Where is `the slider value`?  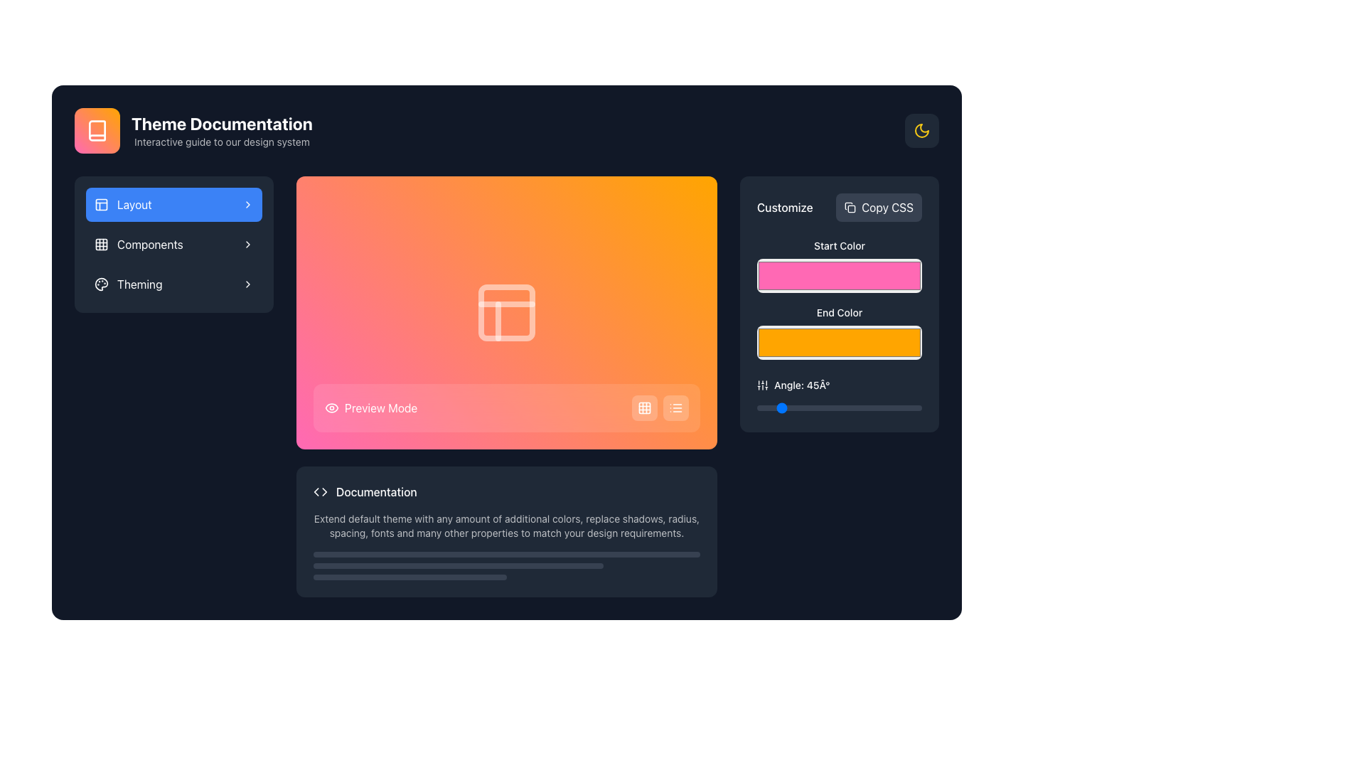 the slider value is located at coordinates (810, 408).